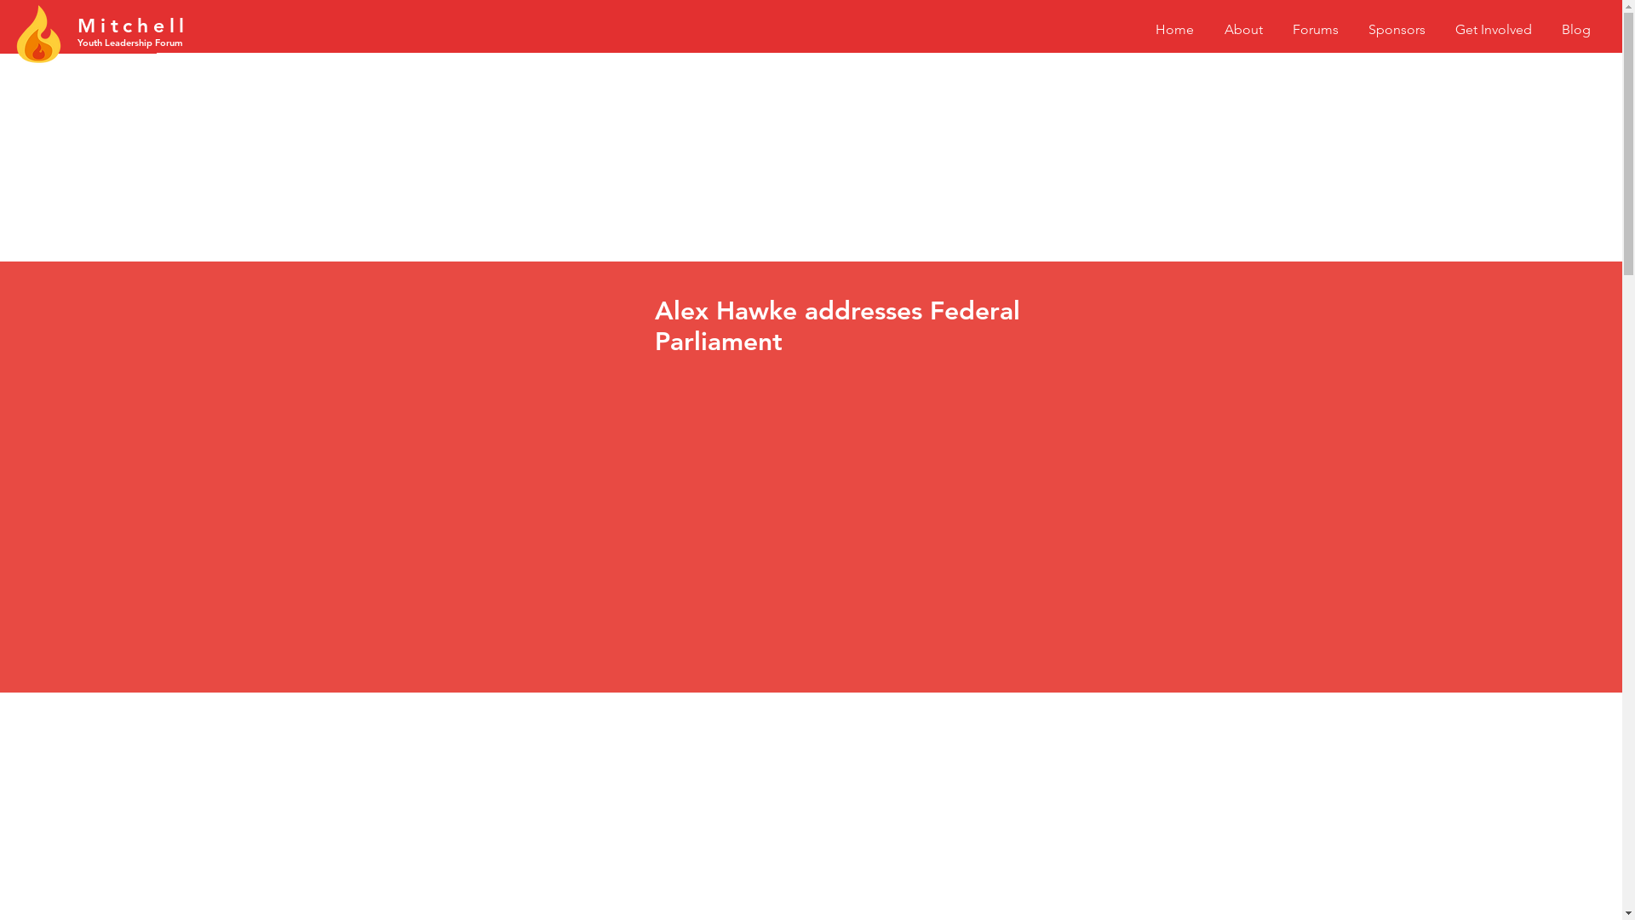 This screenshot has height=920, width=1635. What do you see at coordinates (1492, 29) in the screenshot?
I see `'Get Involved'` at bounding box center [1492, 29].